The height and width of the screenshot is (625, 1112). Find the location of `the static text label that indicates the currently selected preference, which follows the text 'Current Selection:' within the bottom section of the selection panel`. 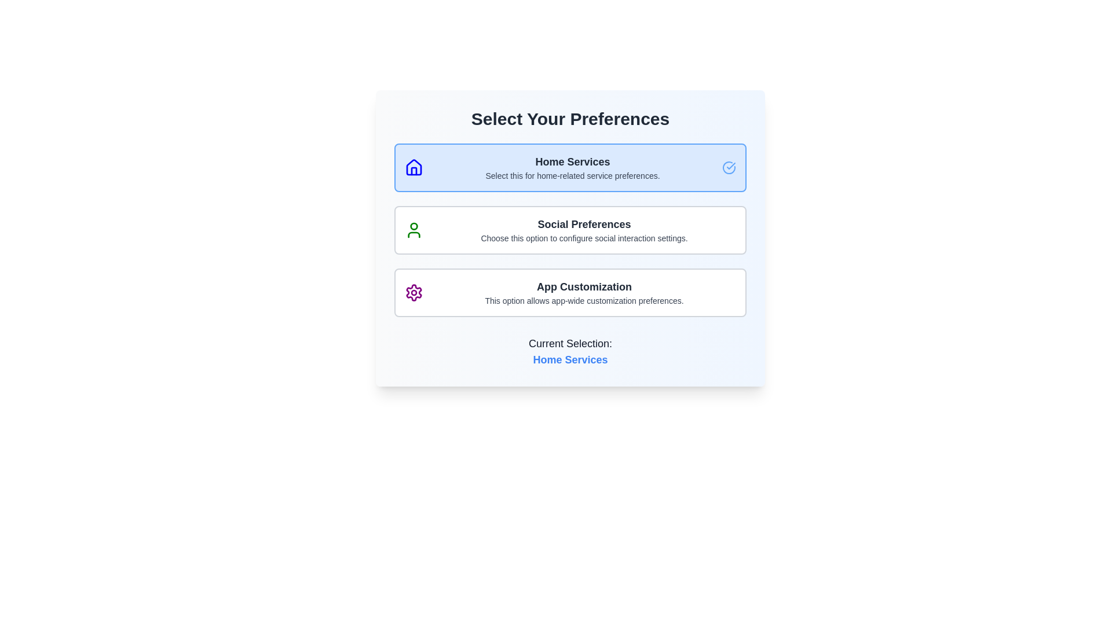

the static text label that indicates the currently selected preference, which follows the text 'Current Selection:' within the bottom section of the selection panel is located at coordinates (570, 359).